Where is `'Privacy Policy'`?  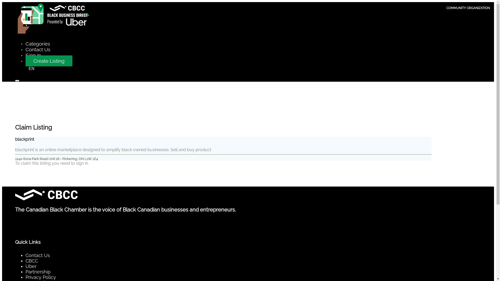
'Privacy Policy' is located at coordinates (40, 277).